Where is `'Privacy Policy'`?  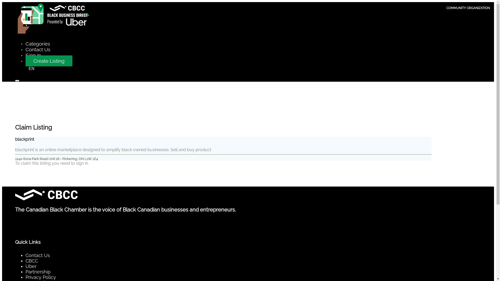
'Privacy Policy' is located at coordinates (40, 277).